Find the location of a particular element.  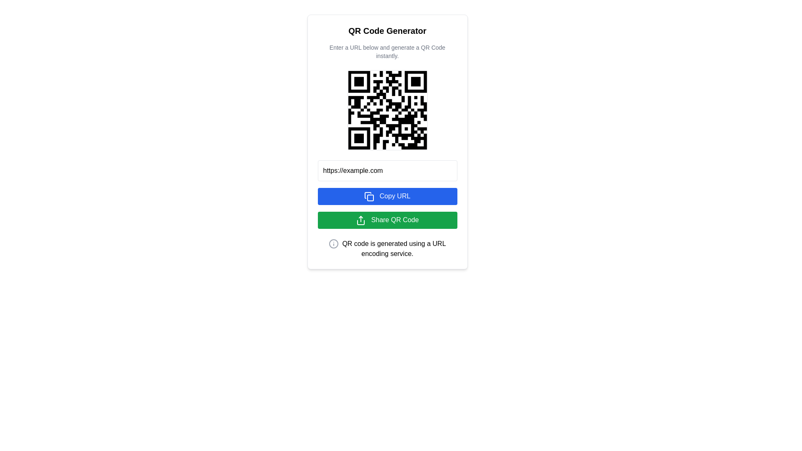

the information icon, which is a light grey circular icon with an 'i' in the center, located to the left of the text 'QR code is generated using a URL encoding service.' is located at coordinates (333, 244).